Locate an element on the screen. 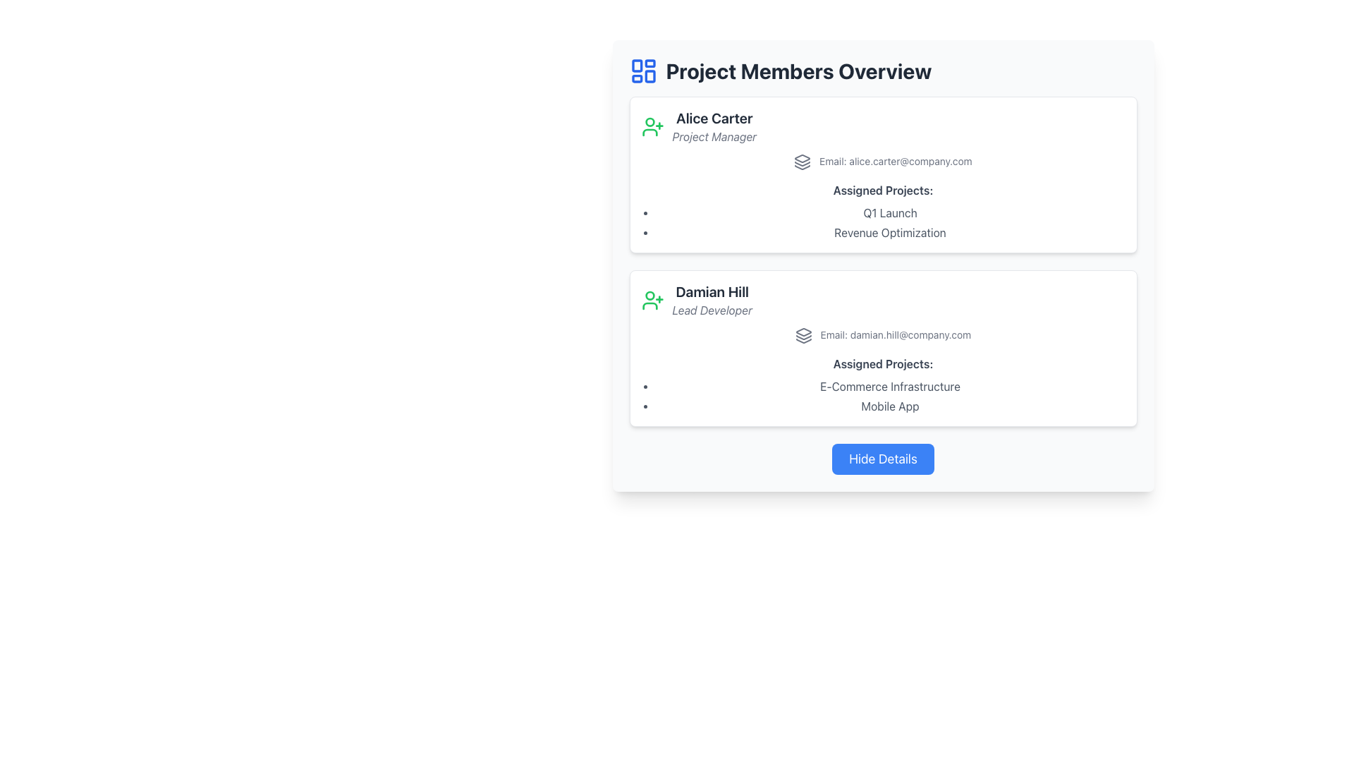 The image size is (1354, 762). the user management SVG icon located to the left of Alice Carter's name and role text is located at coordinates (652, 127).